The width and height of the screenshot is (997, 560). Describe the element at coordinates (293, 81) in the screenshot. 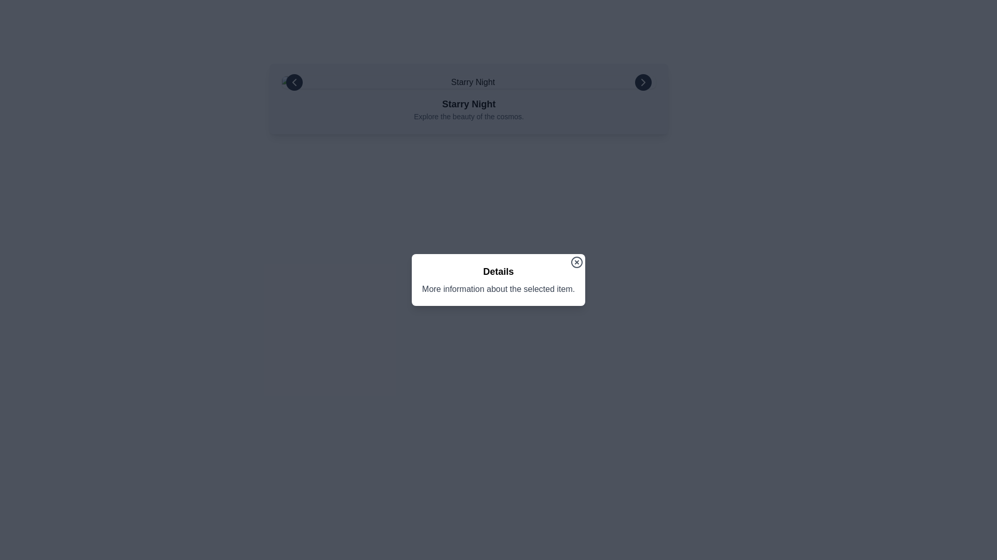

I see `the navigation button located on the left side of the carousel` at that location.